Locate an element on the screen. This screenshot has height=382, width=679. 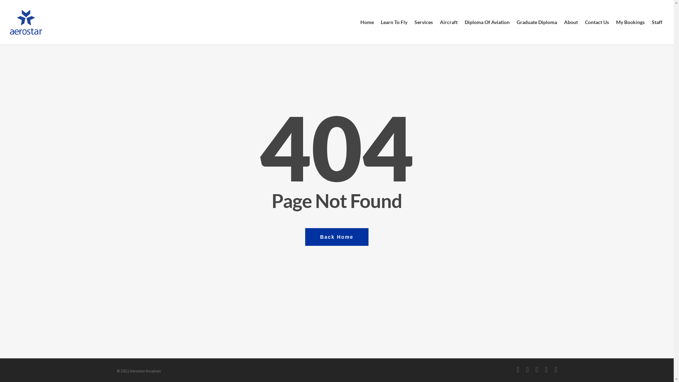
'Graduate Diploma' is located at coordinates (536, 22).